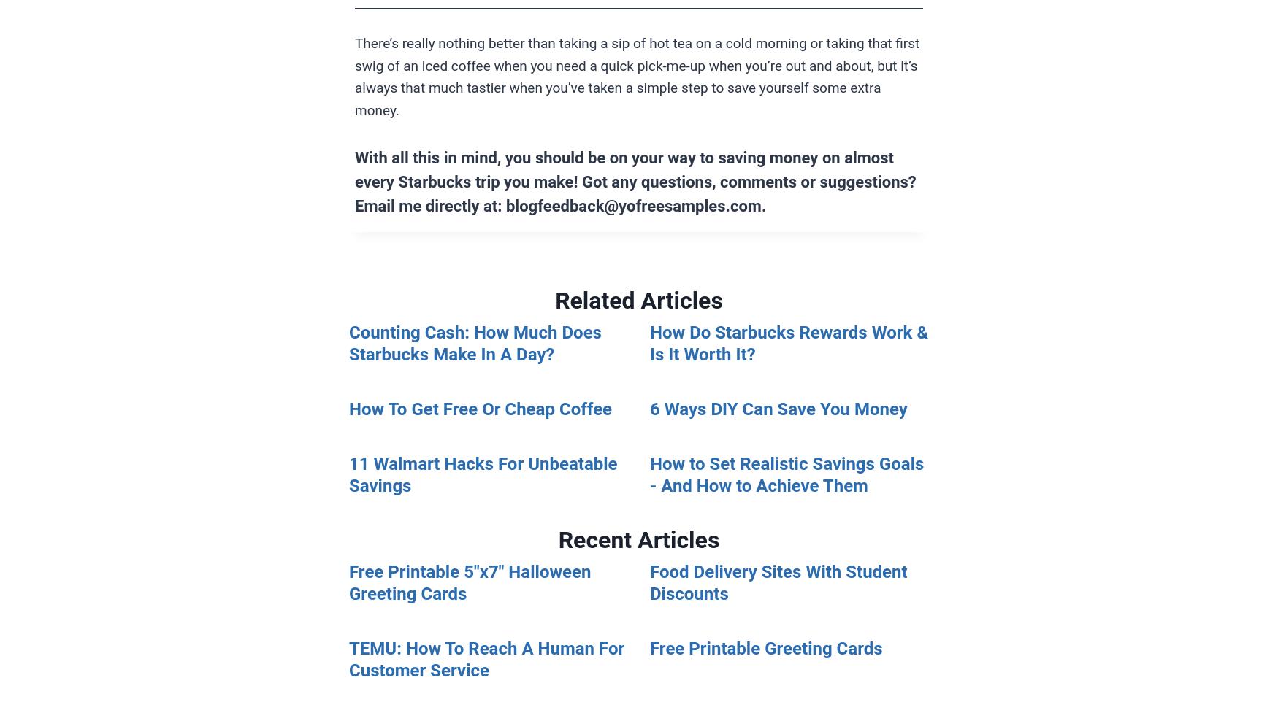 This screenshot has width=1278, height=702. I want to click on 'How Do Starbucks Rewards Work & Is It Worth It?', so click(789, 343).